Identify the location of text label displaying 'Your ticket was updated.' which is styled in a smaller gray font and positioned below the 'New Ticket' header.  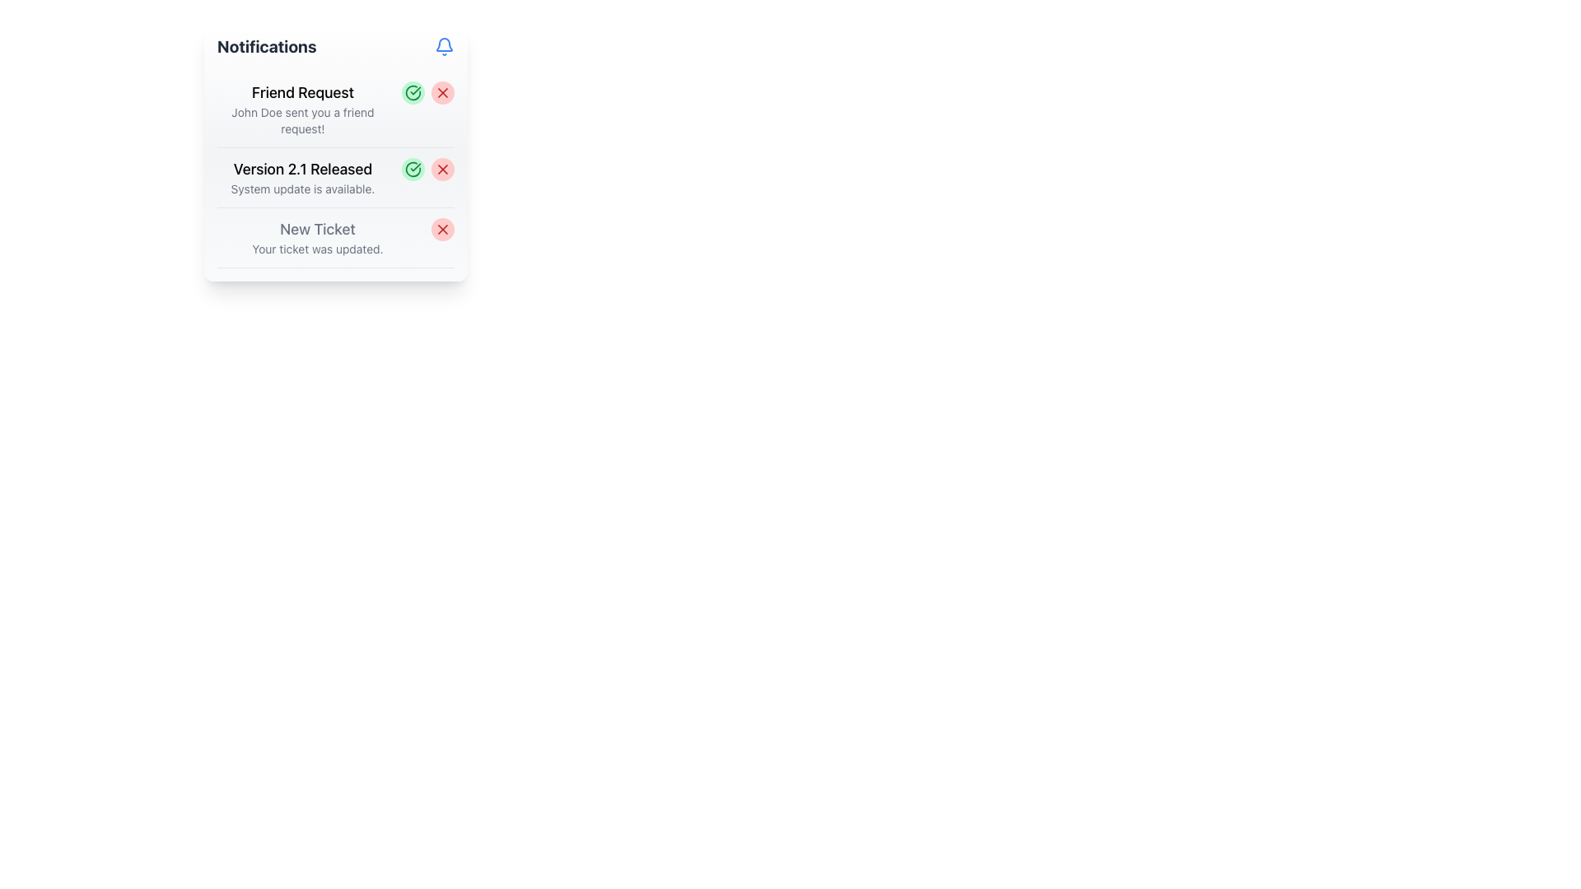
(317, 249).